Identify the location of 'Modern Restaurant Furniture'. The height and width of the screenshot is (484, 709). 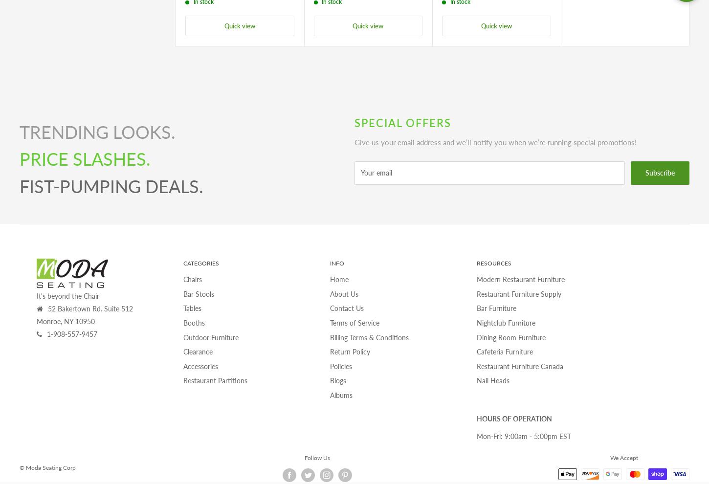
(476, 279).